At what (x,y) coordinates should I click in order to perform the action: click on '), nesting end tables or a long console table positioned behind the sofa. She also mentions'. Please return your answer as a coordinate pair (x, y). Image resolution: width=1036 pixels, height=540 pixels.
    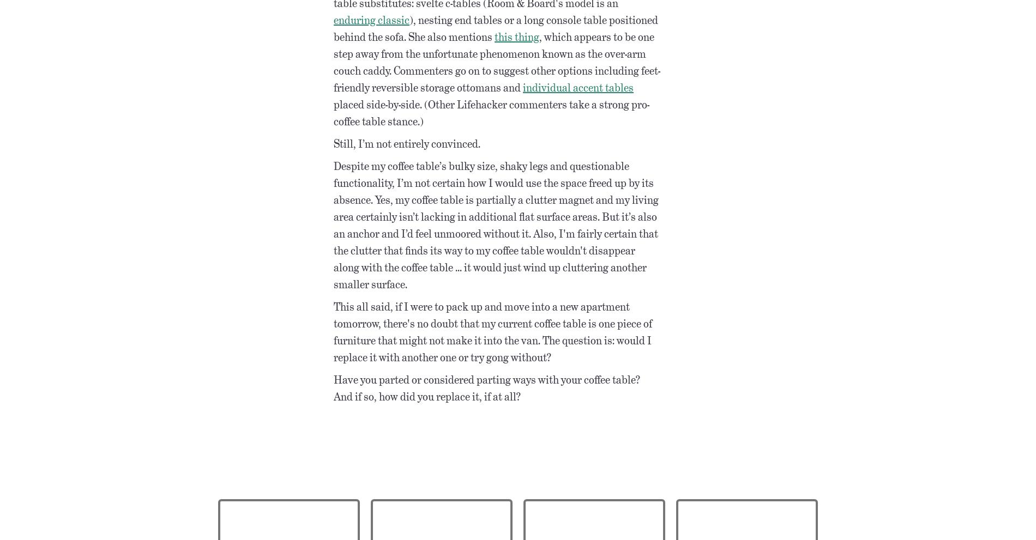
    Looking at the image, I should click on (495, 28).